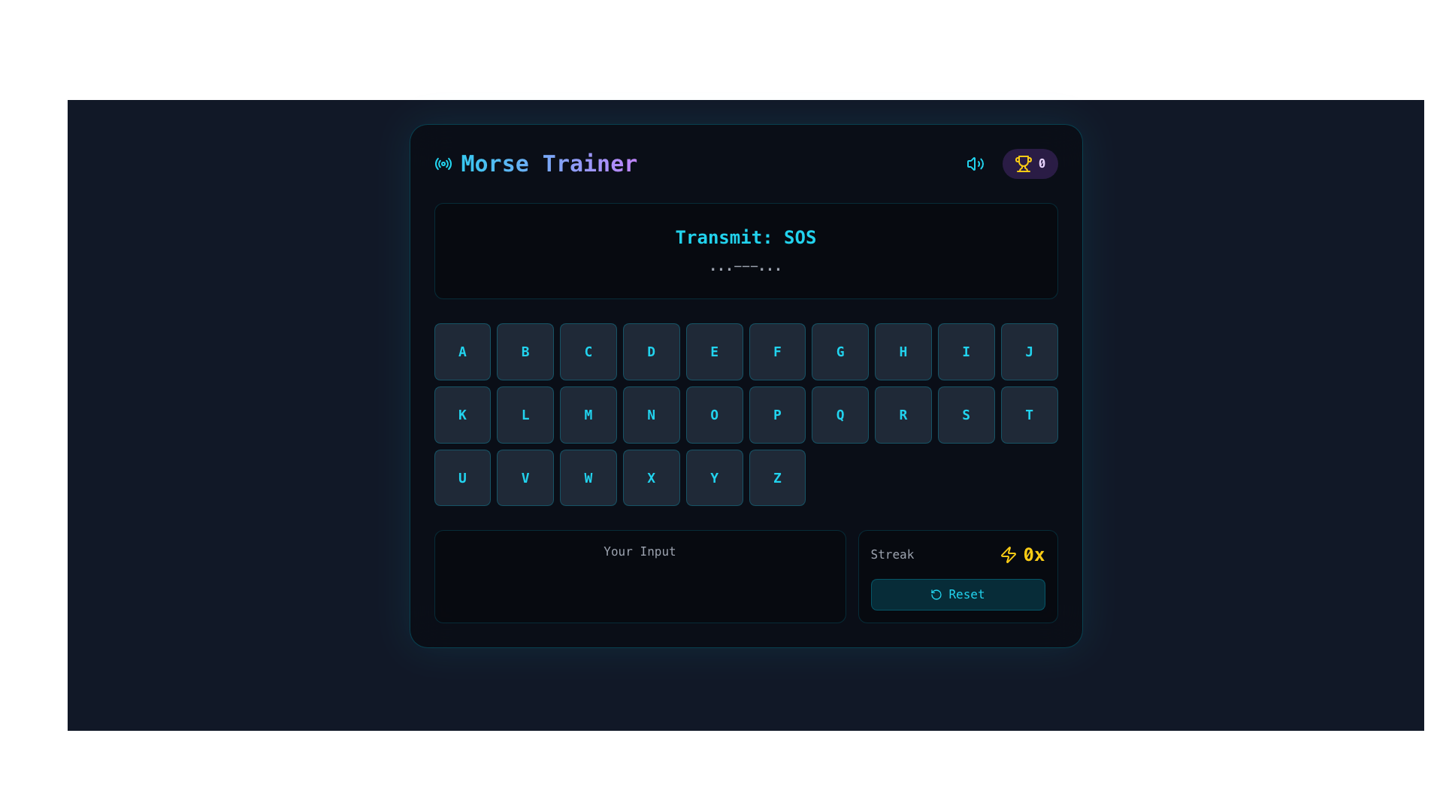 Image resolution: width=1443 pixels, height=812 pixels. Describe the element at coordinates (1008, 555) in the screenshot. I see `the stylized lightning bolt icon, which is yellow and outlined, located to the left of the bold text '0x' at the bottom right corner of the interface` at that location.